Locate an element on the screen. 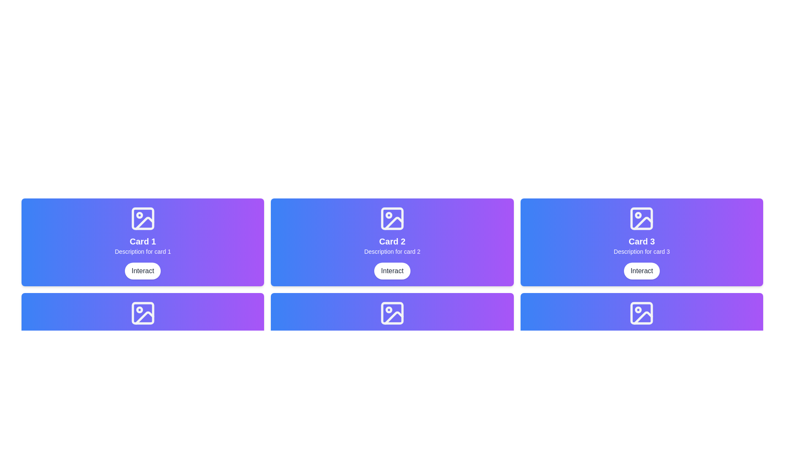 The image size is (810, 456). the small circular dot (Circle SVG Component) located at the top-left corner of the image icon on Card 2 is located at coordinates (388, 214).